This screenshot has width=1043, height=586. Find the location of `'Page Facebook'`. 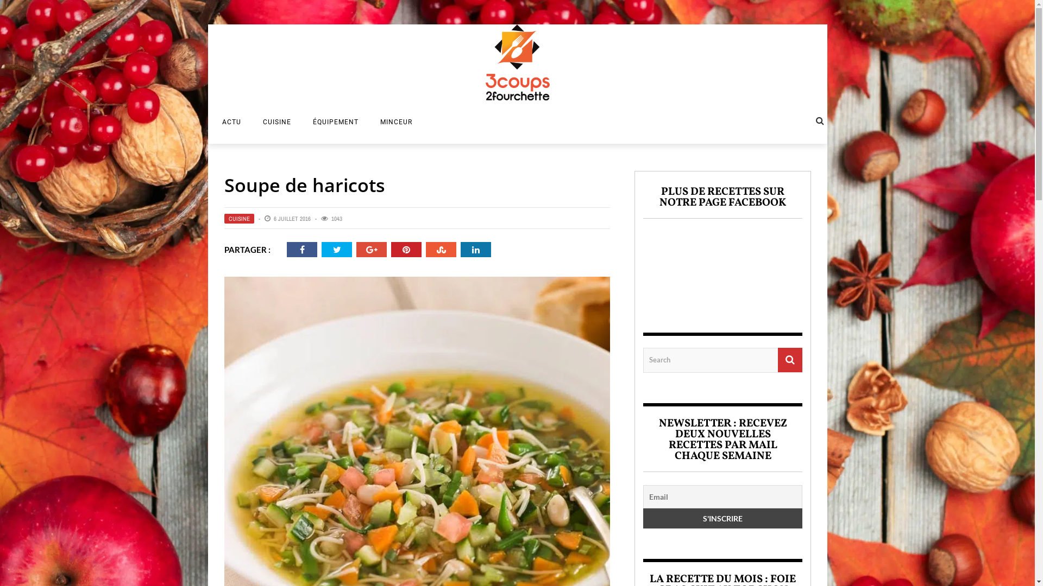

'Page Facebook' is located at coordinates (722, 267).